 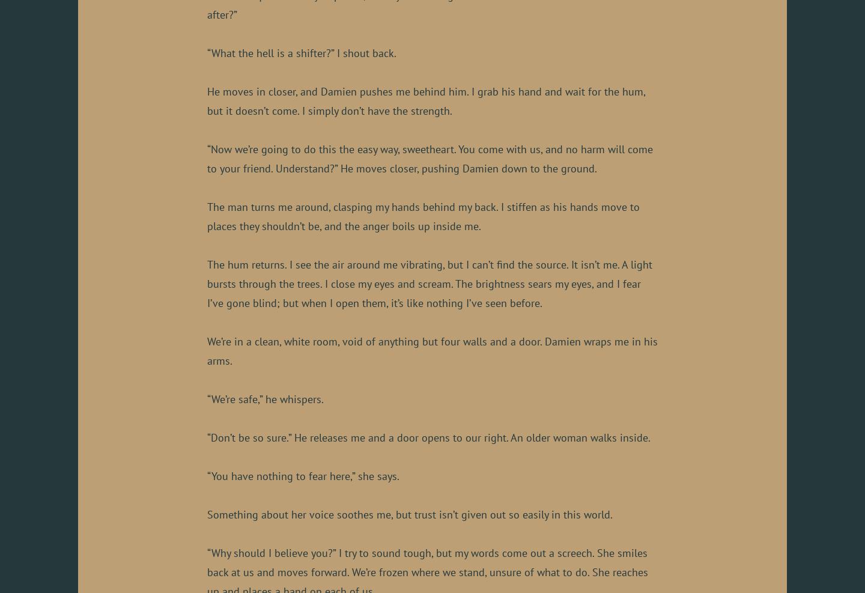 I want to click on '“You have nothing to fear here,” she says.', so click(x=303, y=476).